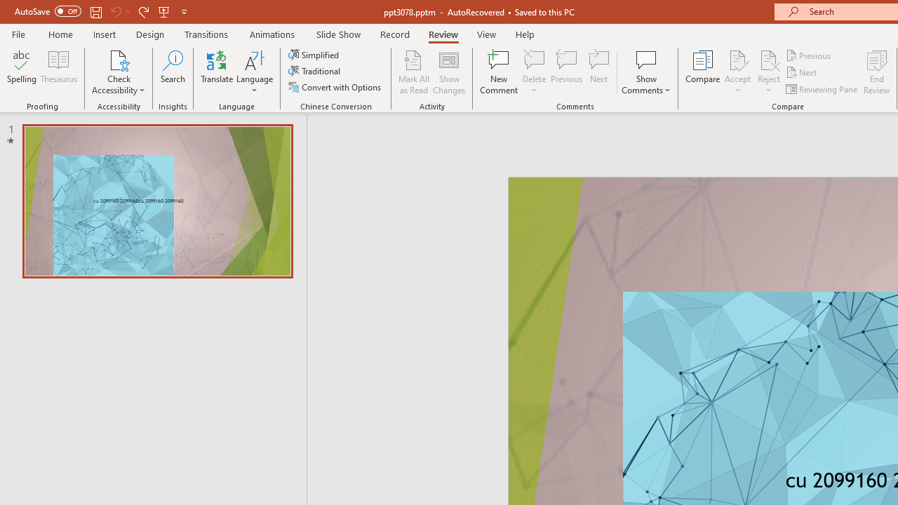  What do you see at coordinates (413, 72) in the screenshot?
I see `'Mark All as Read'` at bounding box center [413, 72].